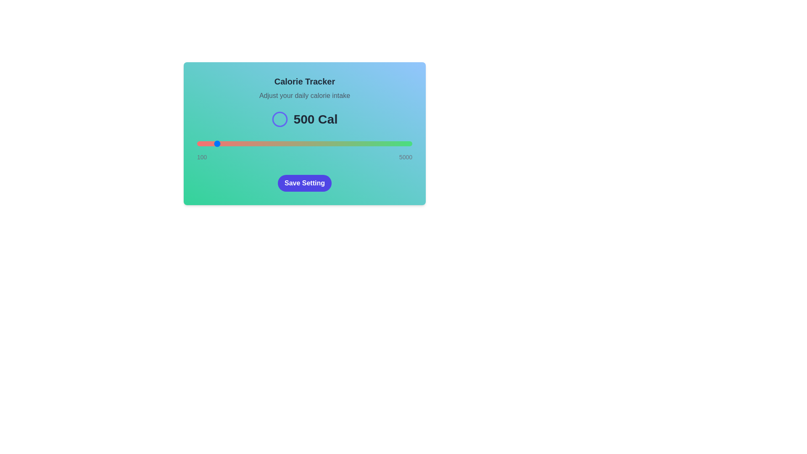 This screenshot has width=807, height=454. What do you see at coordinates (222, 143) in the screenshot?
I see `the calorie intake slider to 683 calories` at bounding box center [222, 143].